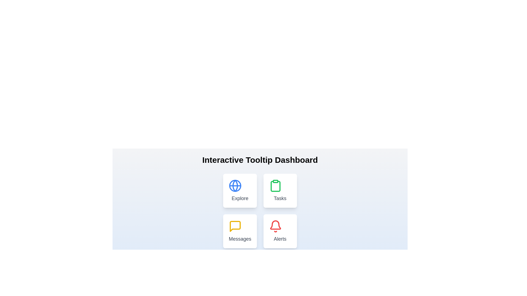  What do you see at coordinates (240, 190) in the screenshot?
I see `the 'Explore' card located at the top-left position of a 2x2 grid, featuring a blue globe icon and medium gray text` at bounding box center [240, 190].